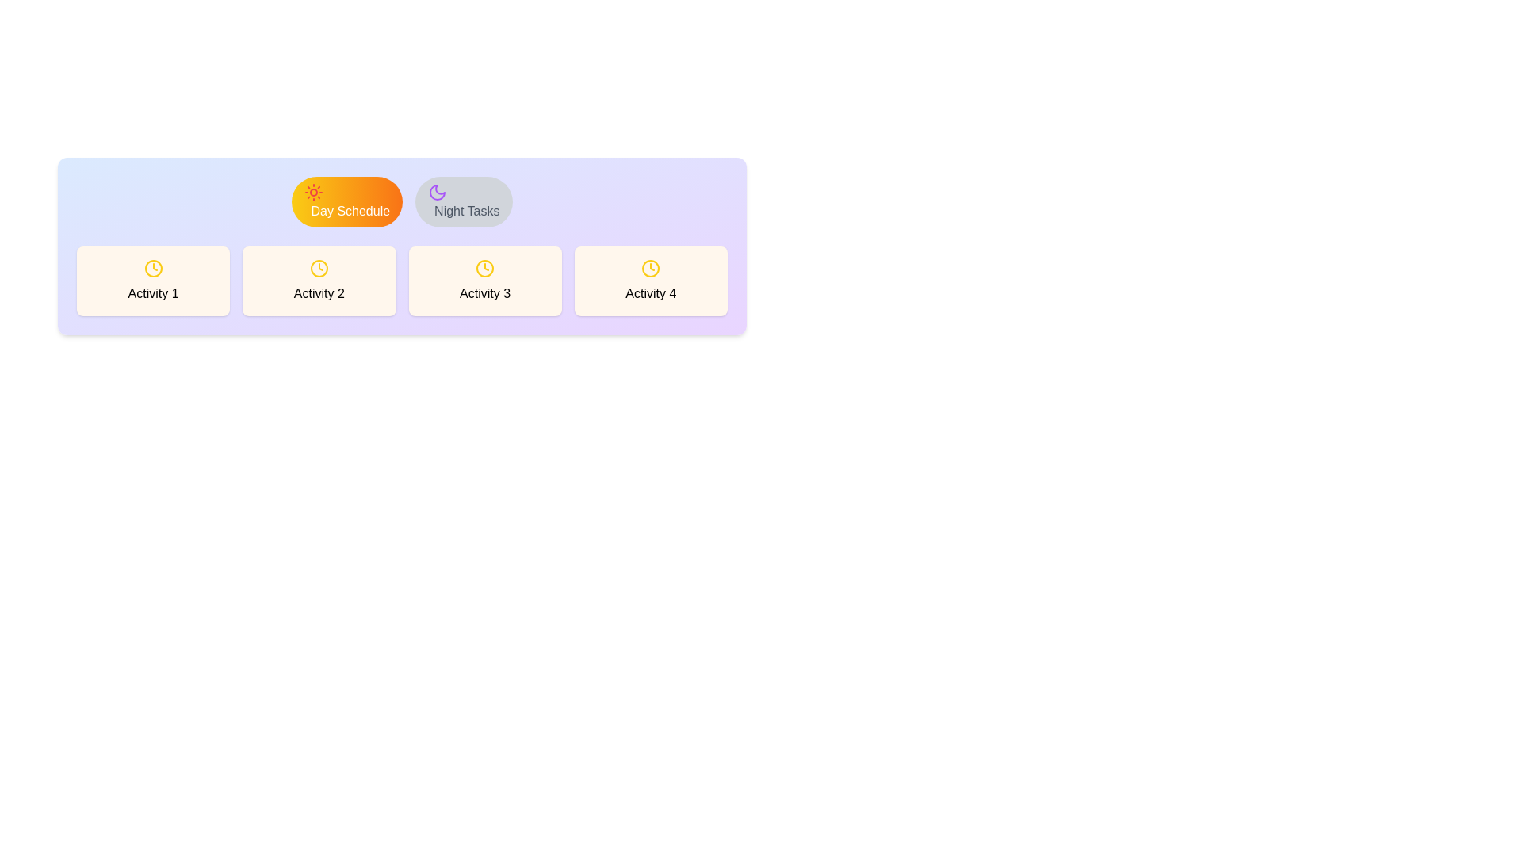 This screenshot has width=1522, height=856. What do you see at coordinates (346, 201) in the screenshot?
I see `the text Day Schedule within the content` at bounding box center [346, 201].